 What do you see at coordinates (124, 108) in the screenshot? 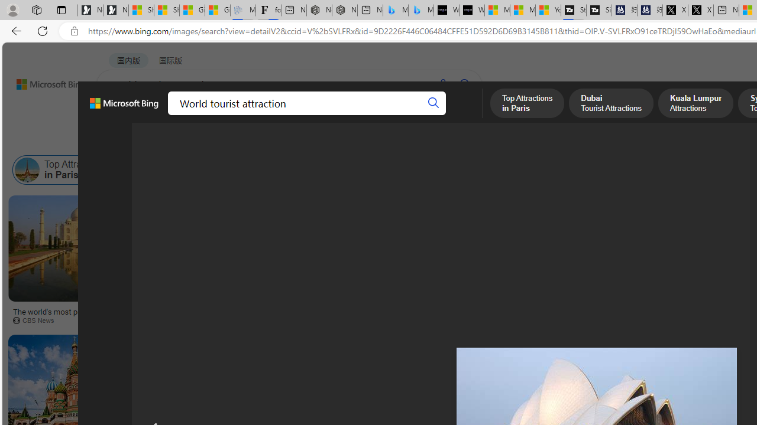
I see `'Microsoft Bing, Back to Bing search'` at bounding box center [124, 108].